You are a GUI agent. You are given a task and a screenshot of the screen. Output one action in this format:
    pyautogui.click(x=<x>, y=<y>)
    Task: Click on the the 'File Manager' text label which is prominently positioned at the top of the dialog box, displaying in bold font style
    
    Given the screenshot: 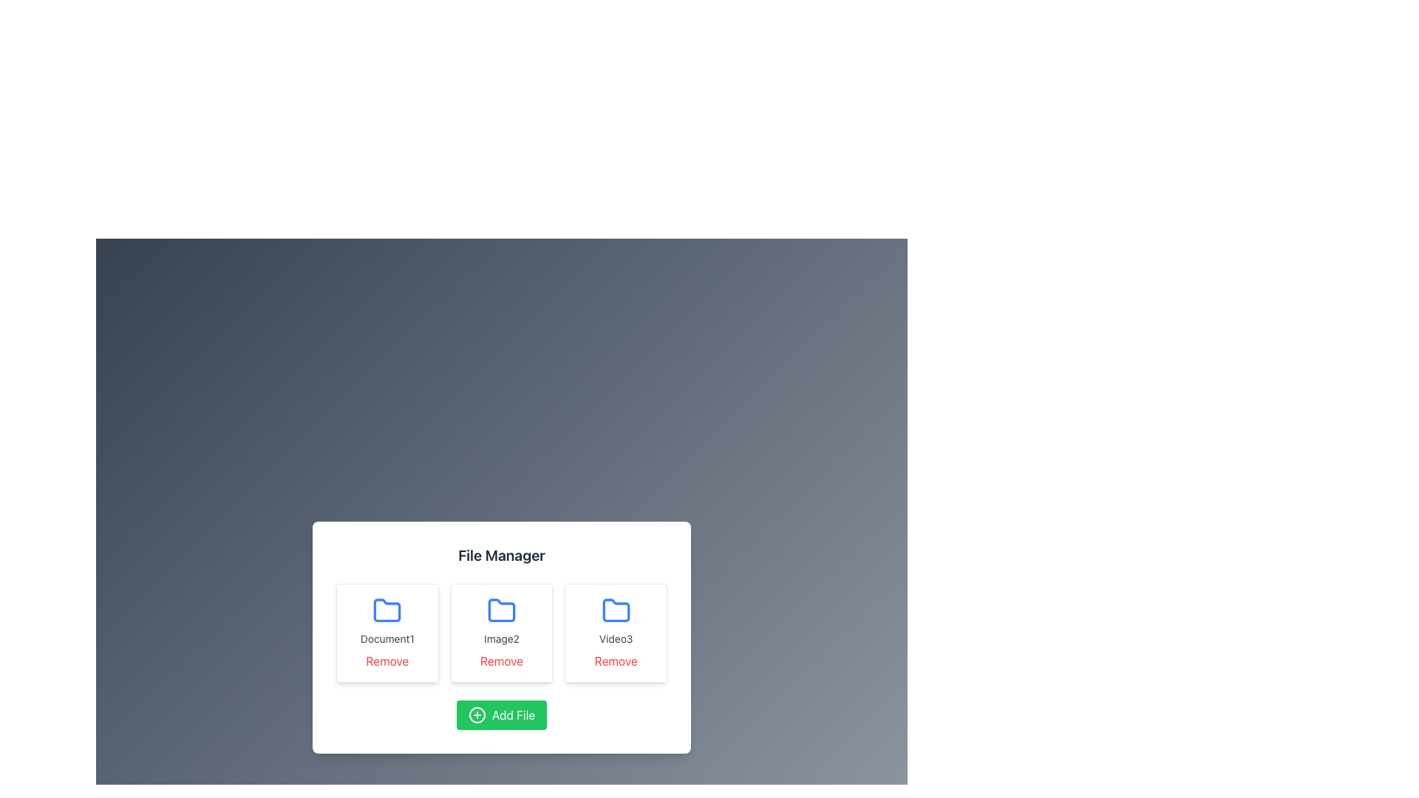 What is the action you would take?
    pyautogui.click(x=501, y=556)
    